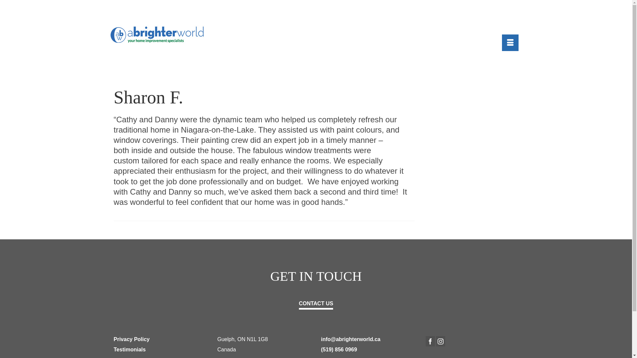 This screenshot has height=358, width=637. What do you see at coordinates (321, 339) in the screenshot?
I see `'info@abrighterworld.ca'` at bounding box center [321, 339].